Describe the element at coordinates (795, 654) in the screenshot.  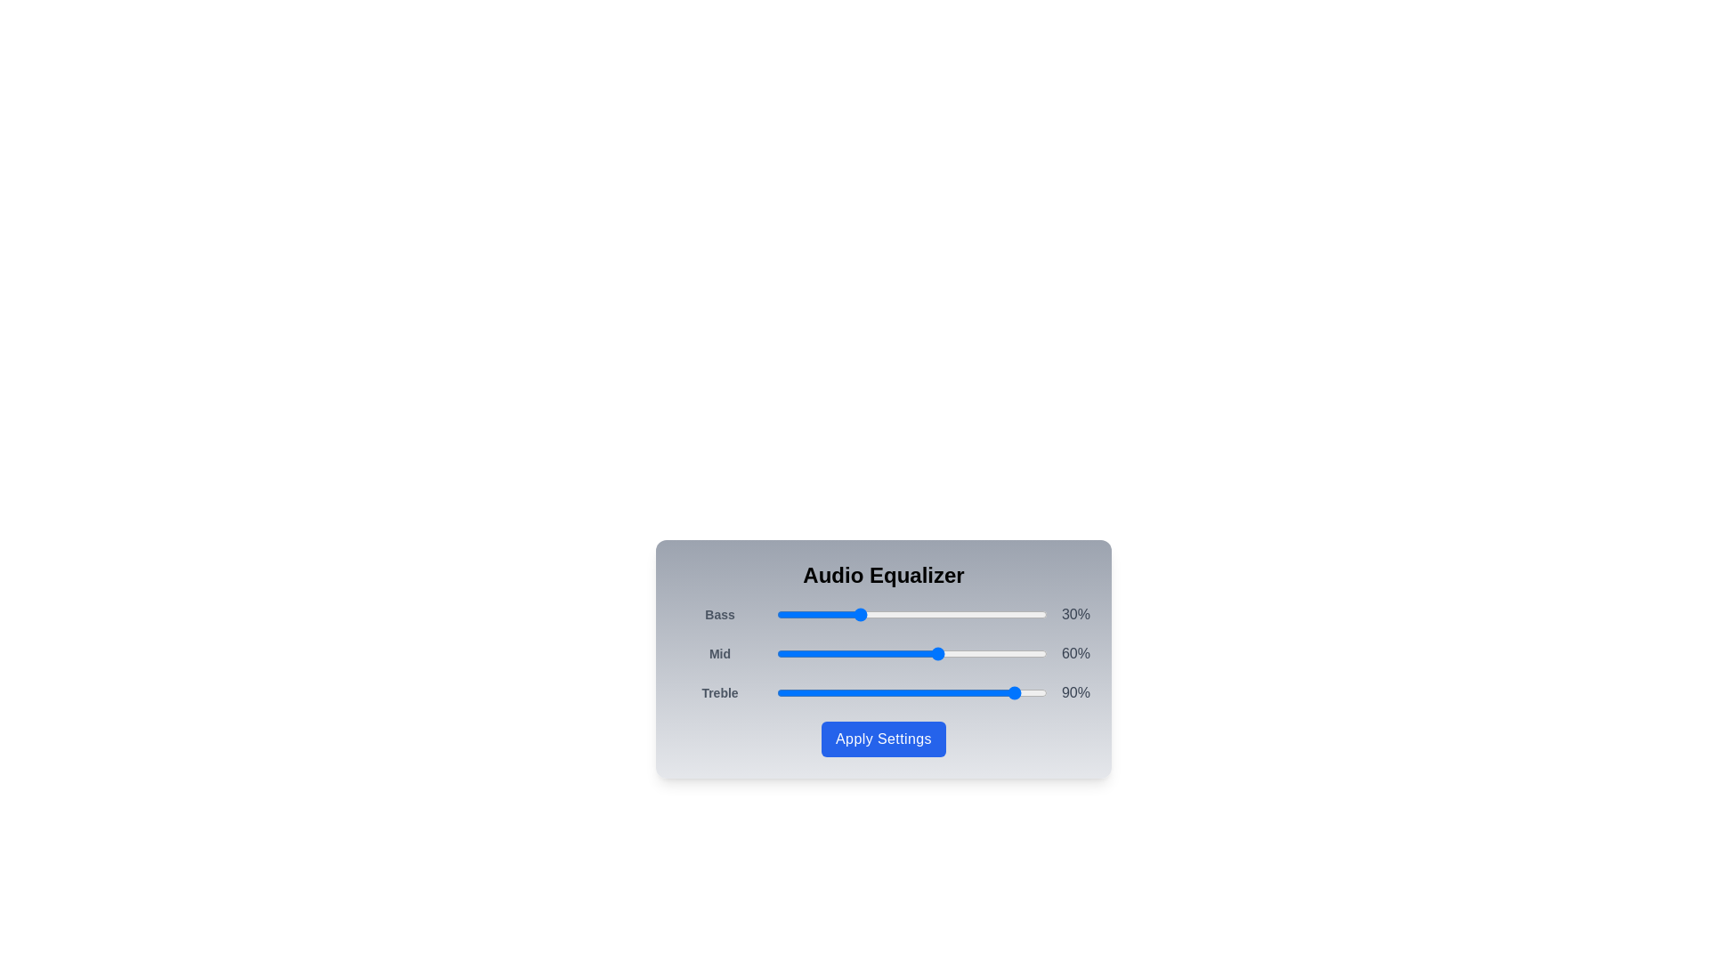
I see `the 1 slider to 7%` at that location.